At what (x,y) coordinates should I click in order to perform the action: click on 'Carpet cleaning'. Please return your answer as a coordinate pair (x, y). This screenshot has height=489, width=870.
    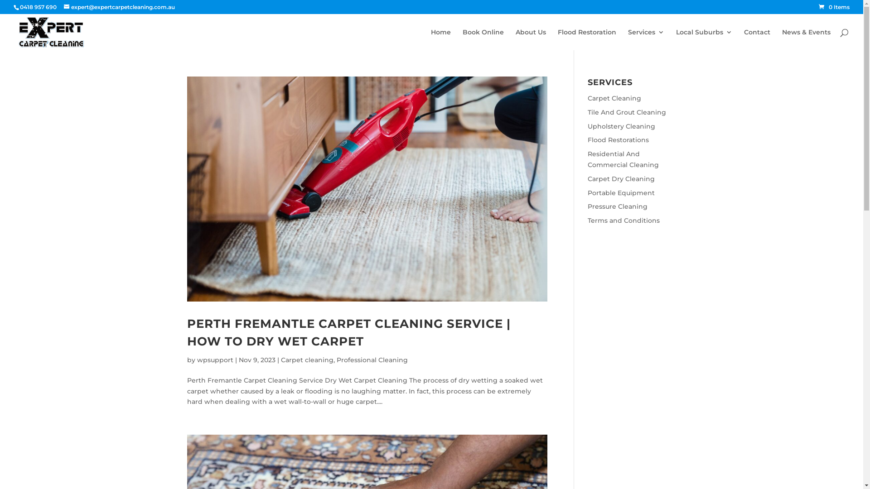
    Looking at the image, I should click on (280, 359).